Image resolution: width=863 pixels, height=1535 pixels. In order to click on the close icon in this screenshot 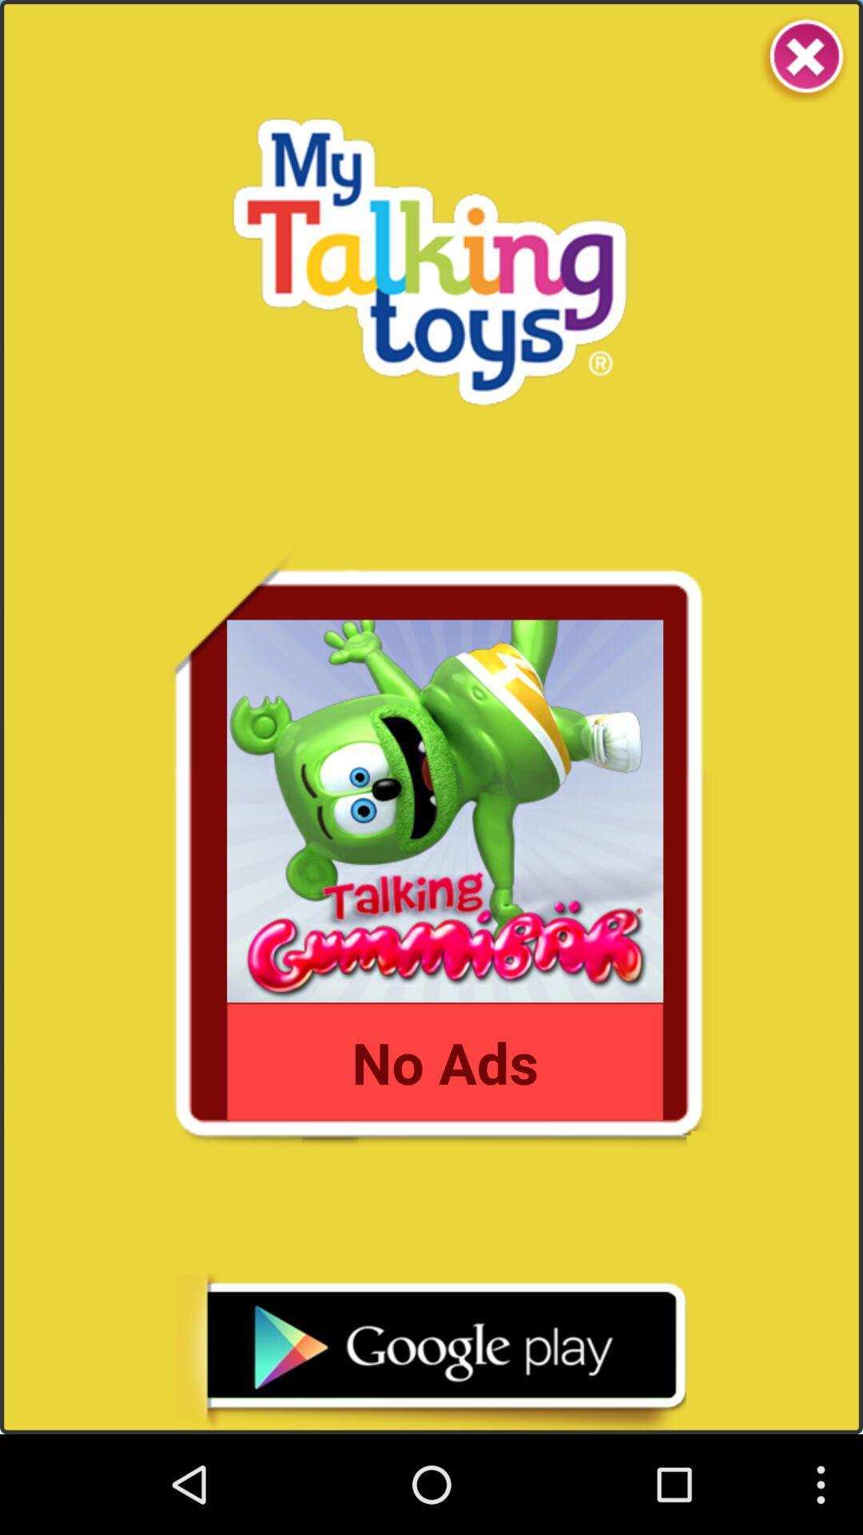, I will do `click(804, 63)`.